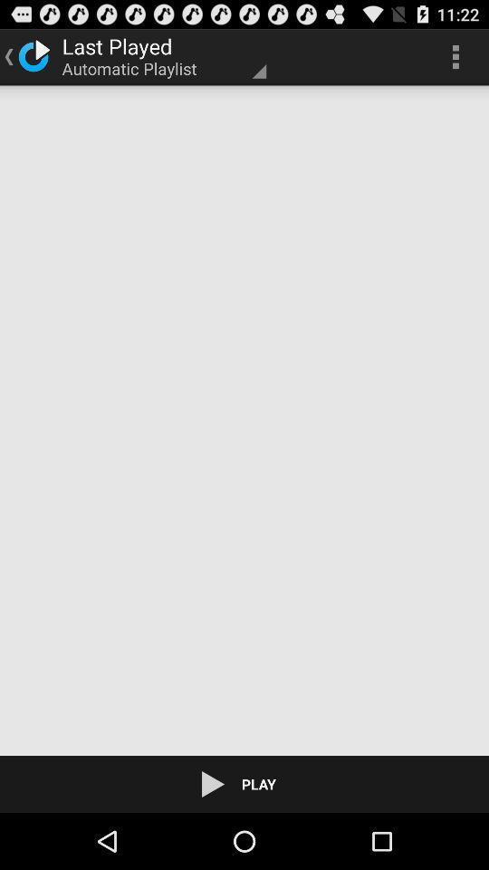 This screenshot has width=489, height=870. I want to click on icon next to the automatic playlist, so click(455, 56).